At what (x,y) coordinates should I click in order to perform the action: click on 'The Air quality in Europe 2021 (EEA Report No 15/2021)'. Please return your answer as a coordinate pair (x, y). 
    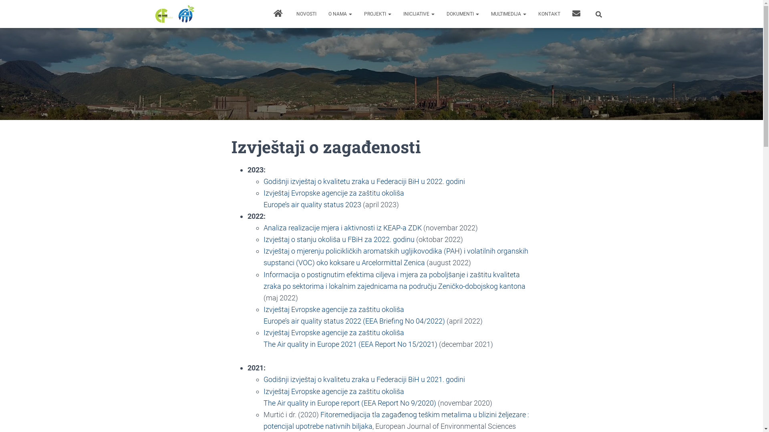
    Looking at the image, I should click on (263, 344).